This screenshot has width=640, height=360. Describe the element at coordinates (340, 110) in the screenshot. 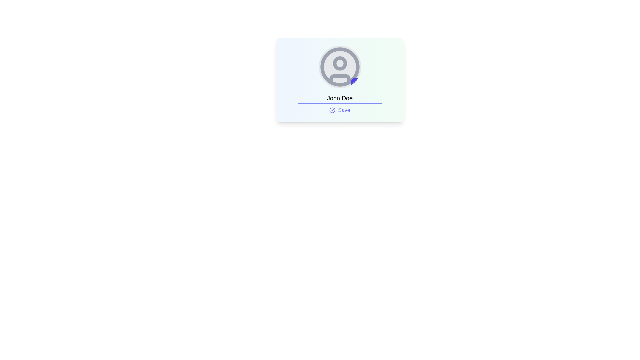

I see `the save Button located below the text field displaying 'John Doe'` at that location.